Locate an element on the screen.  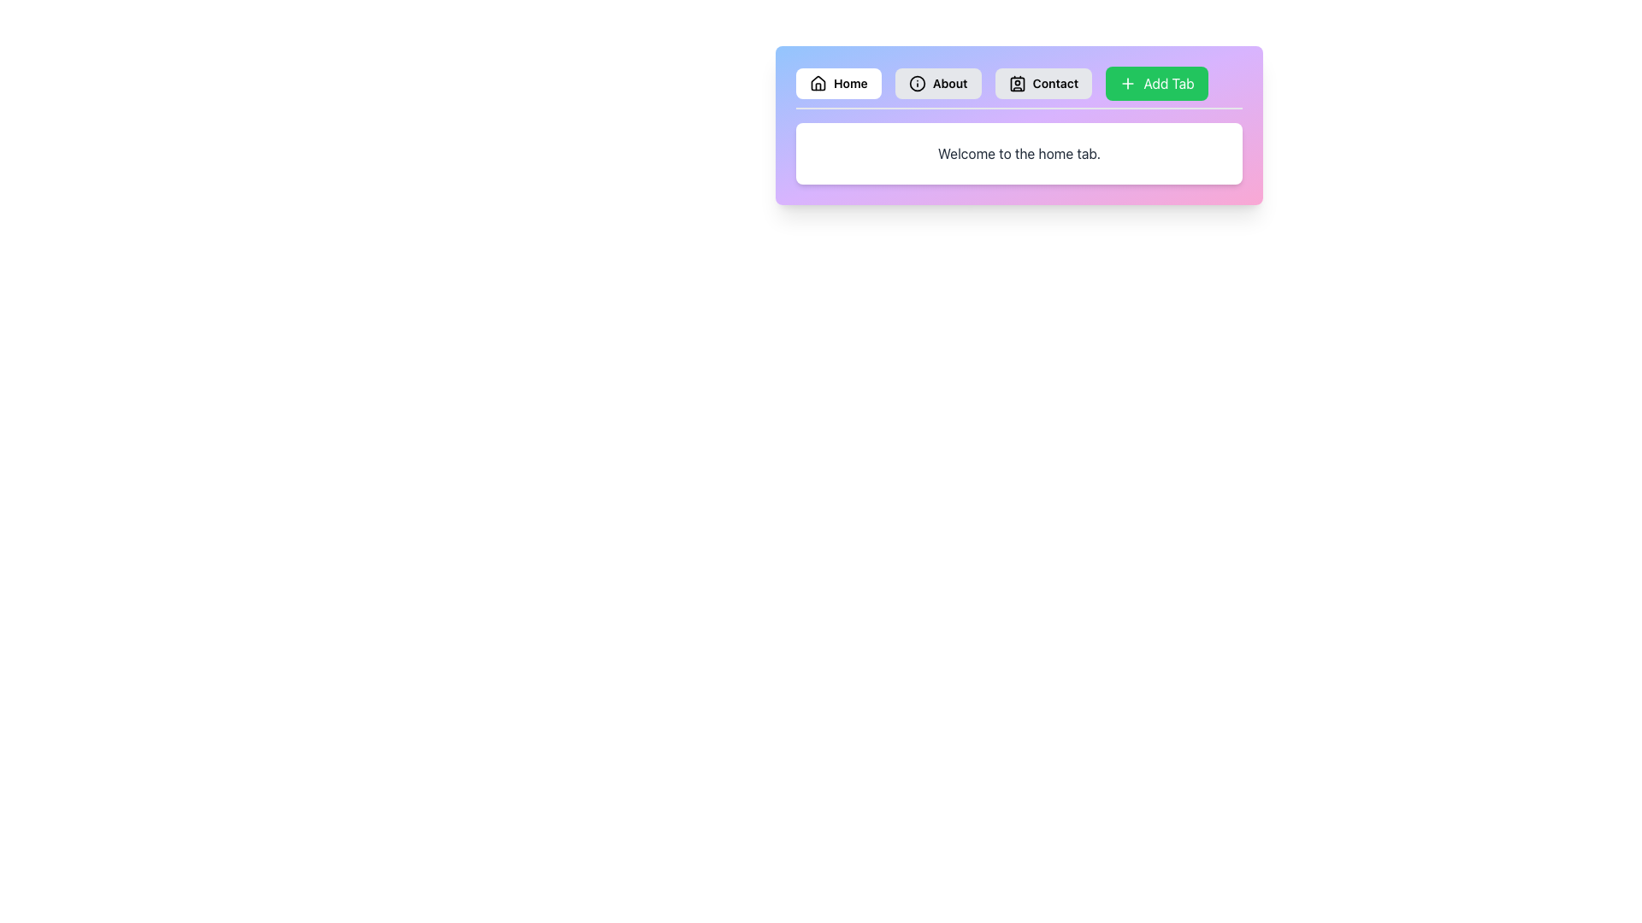
the third button from the left in the horizontal navigation bar that leads to the 'Contact' section is located at coordinates (1042, 83).